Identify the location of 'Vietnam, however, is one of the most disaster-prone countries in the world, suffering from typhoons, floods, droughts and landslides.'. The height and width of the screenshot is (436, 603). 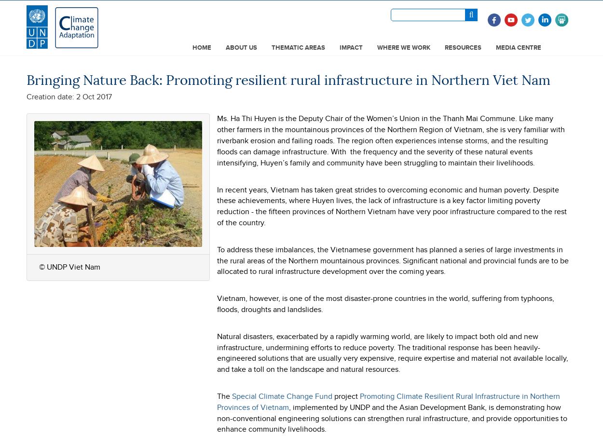
(385, 303).